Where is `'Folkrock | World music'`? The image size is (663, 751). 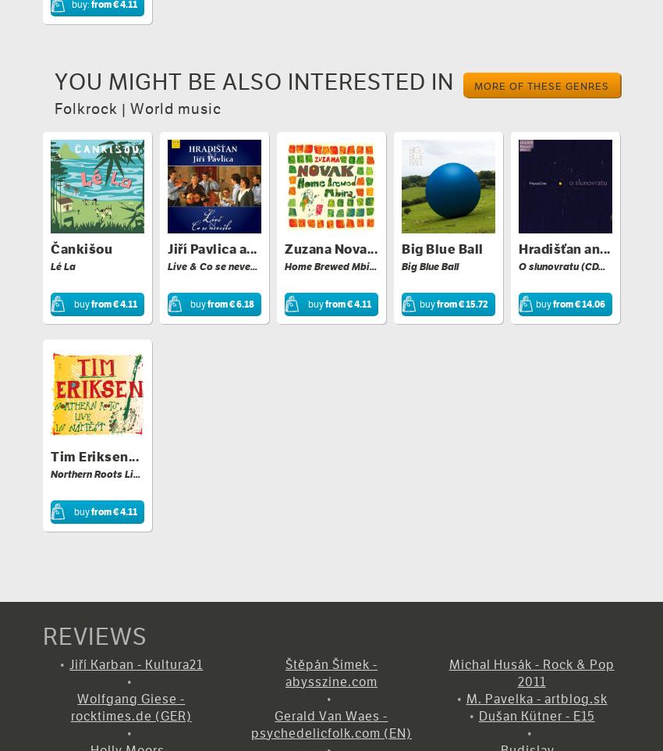 'Folkrock | World music' is located at coordinates (136, 107).